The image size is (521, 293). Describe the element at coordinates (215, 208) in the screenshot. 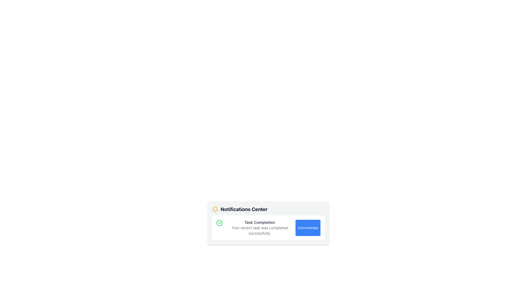

I see `the yellow bell icon located at the top-left corner of the notification panel` at that location.